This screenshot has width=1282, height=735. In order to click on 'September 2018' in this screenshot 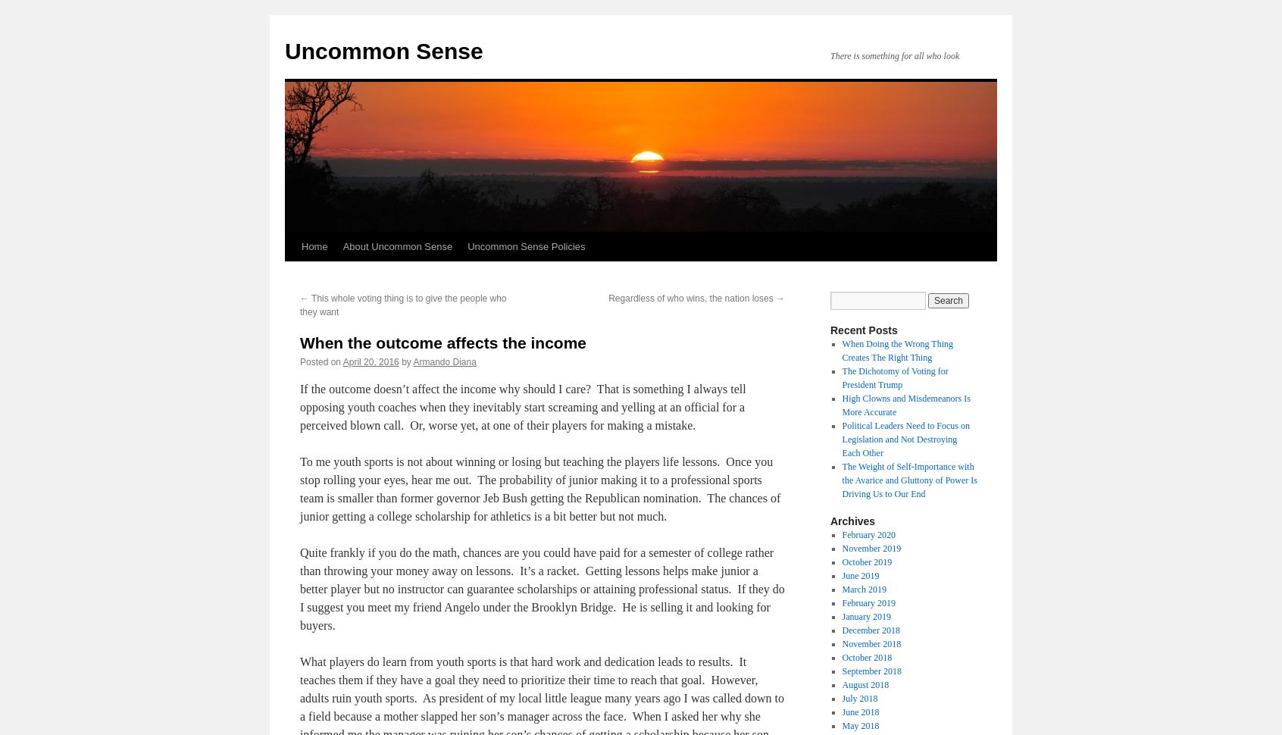, I will do `click(871, 671)`.